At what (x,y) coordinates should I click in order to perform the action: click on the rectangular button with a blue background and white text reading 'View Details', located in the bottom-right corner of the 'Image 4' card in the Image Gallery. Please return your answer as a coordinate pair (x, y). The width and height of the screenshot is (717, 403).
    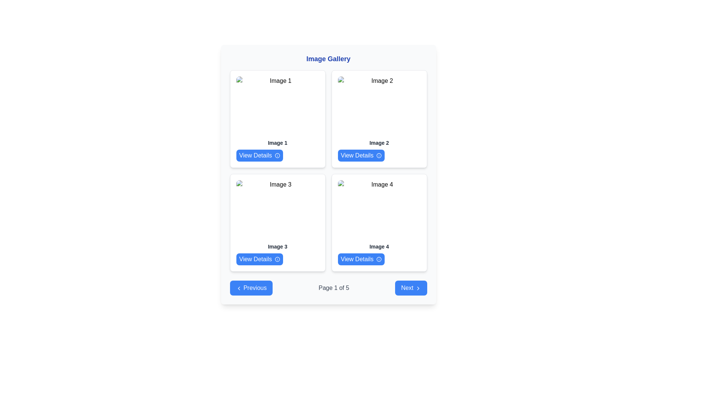
    Looking at the image, I should click on (361, 259).